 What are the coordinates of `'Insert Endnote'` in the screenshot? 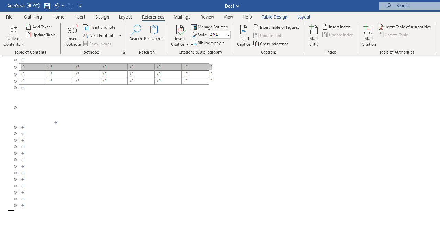 It's located at (99, 27).